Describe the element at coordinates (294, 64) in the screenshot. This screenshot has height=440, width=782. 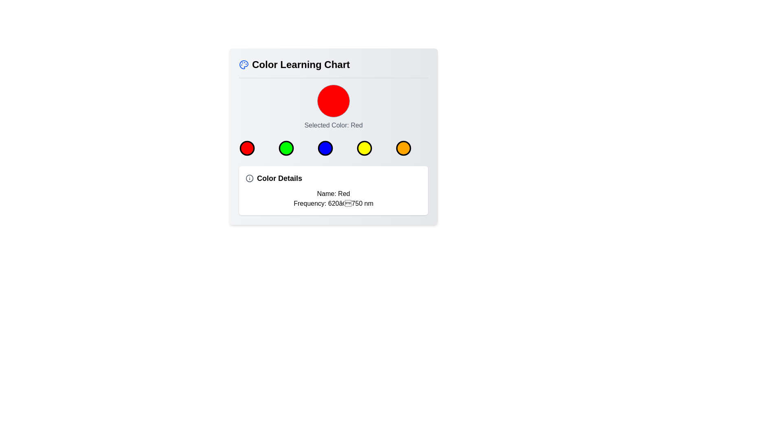
I see `the 'Color Learning Chart' header text for copying by clicking on it` at that location.